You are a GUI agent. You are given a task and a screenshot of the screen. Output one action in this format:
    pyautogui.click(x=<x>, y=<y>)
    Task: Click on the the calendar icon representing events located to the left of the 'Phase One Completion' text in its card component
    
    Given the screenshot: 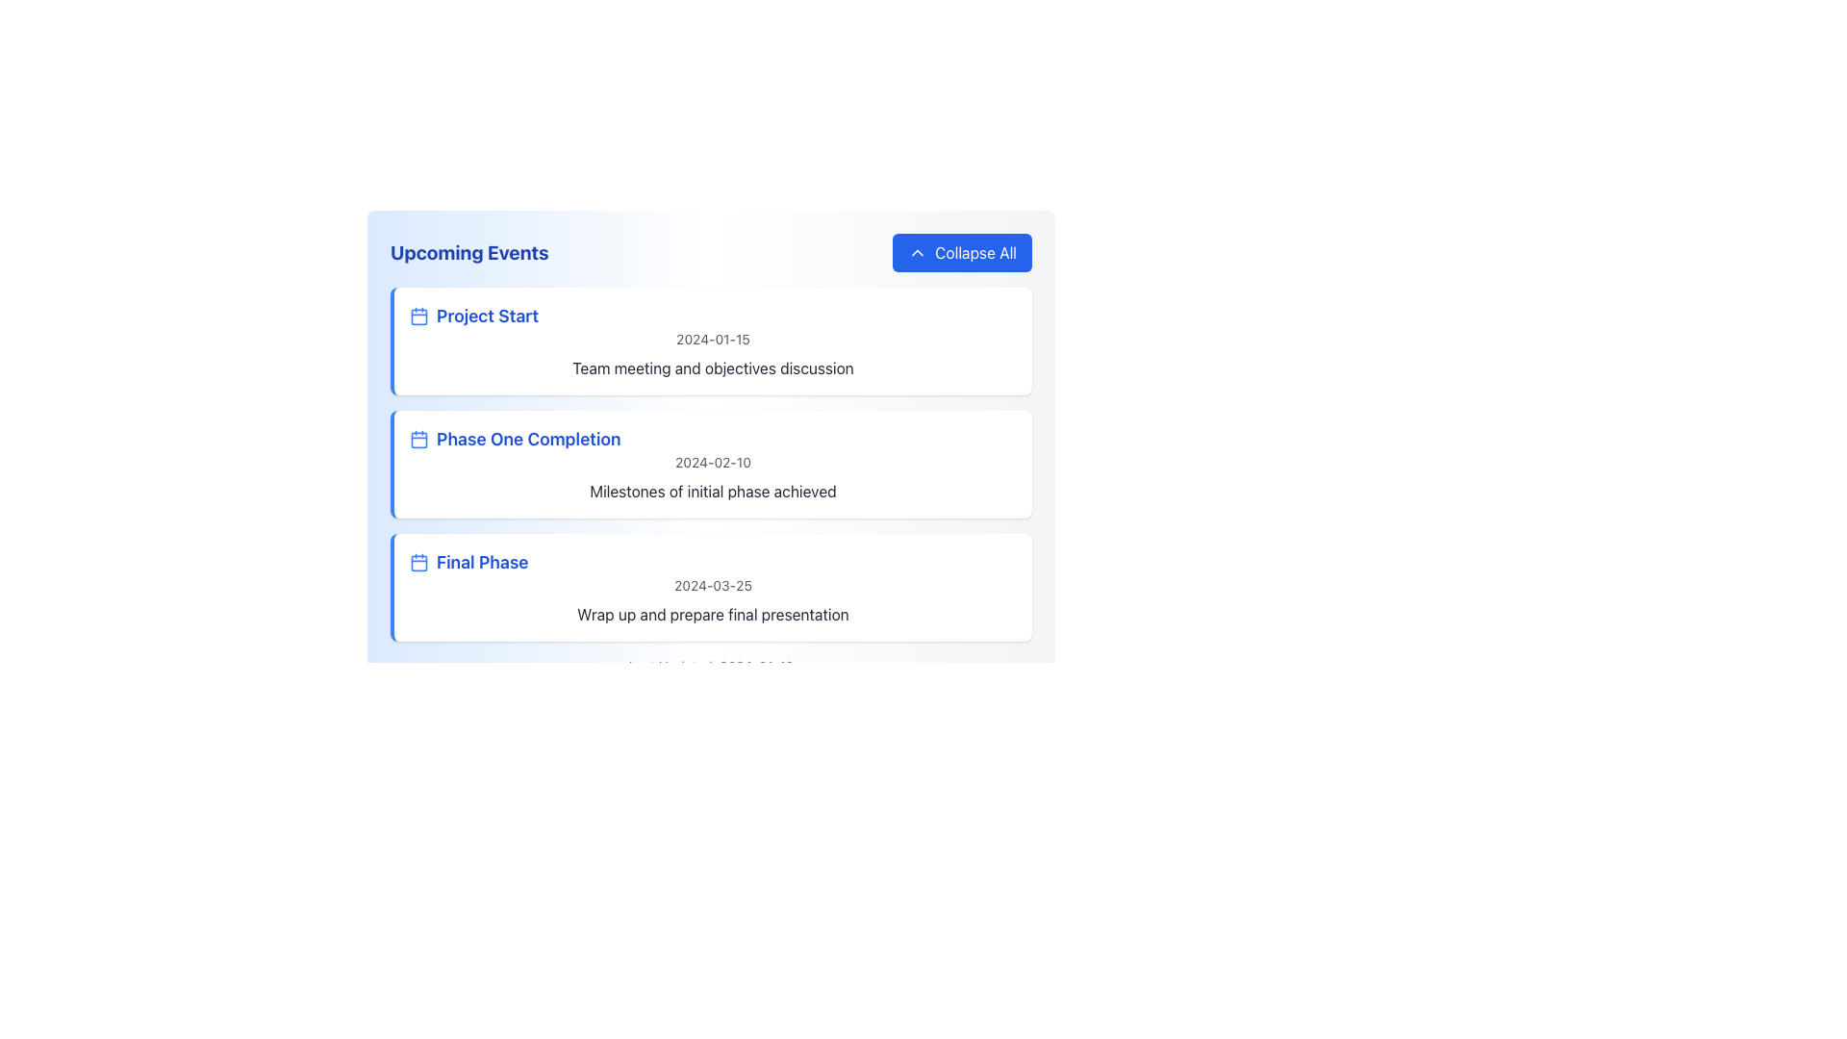 What is the action you would take?
    pyautogui.click(x=418, y=439)
    